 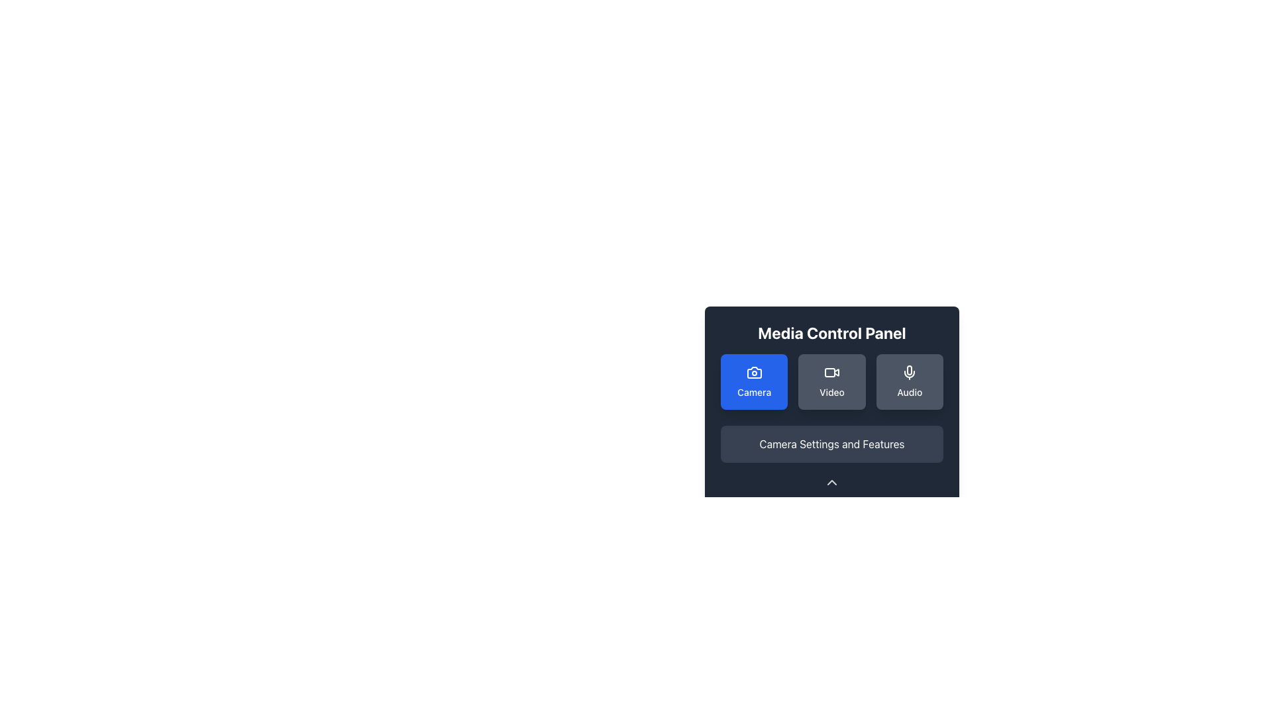 What do you see at coordinates (831, 444) in the screenshot?
I see `the text label with the centered white font that reads 'Camera Settings and Features', located at the bottom of the Media Control Panel interface` at bounding box center [831, 444].